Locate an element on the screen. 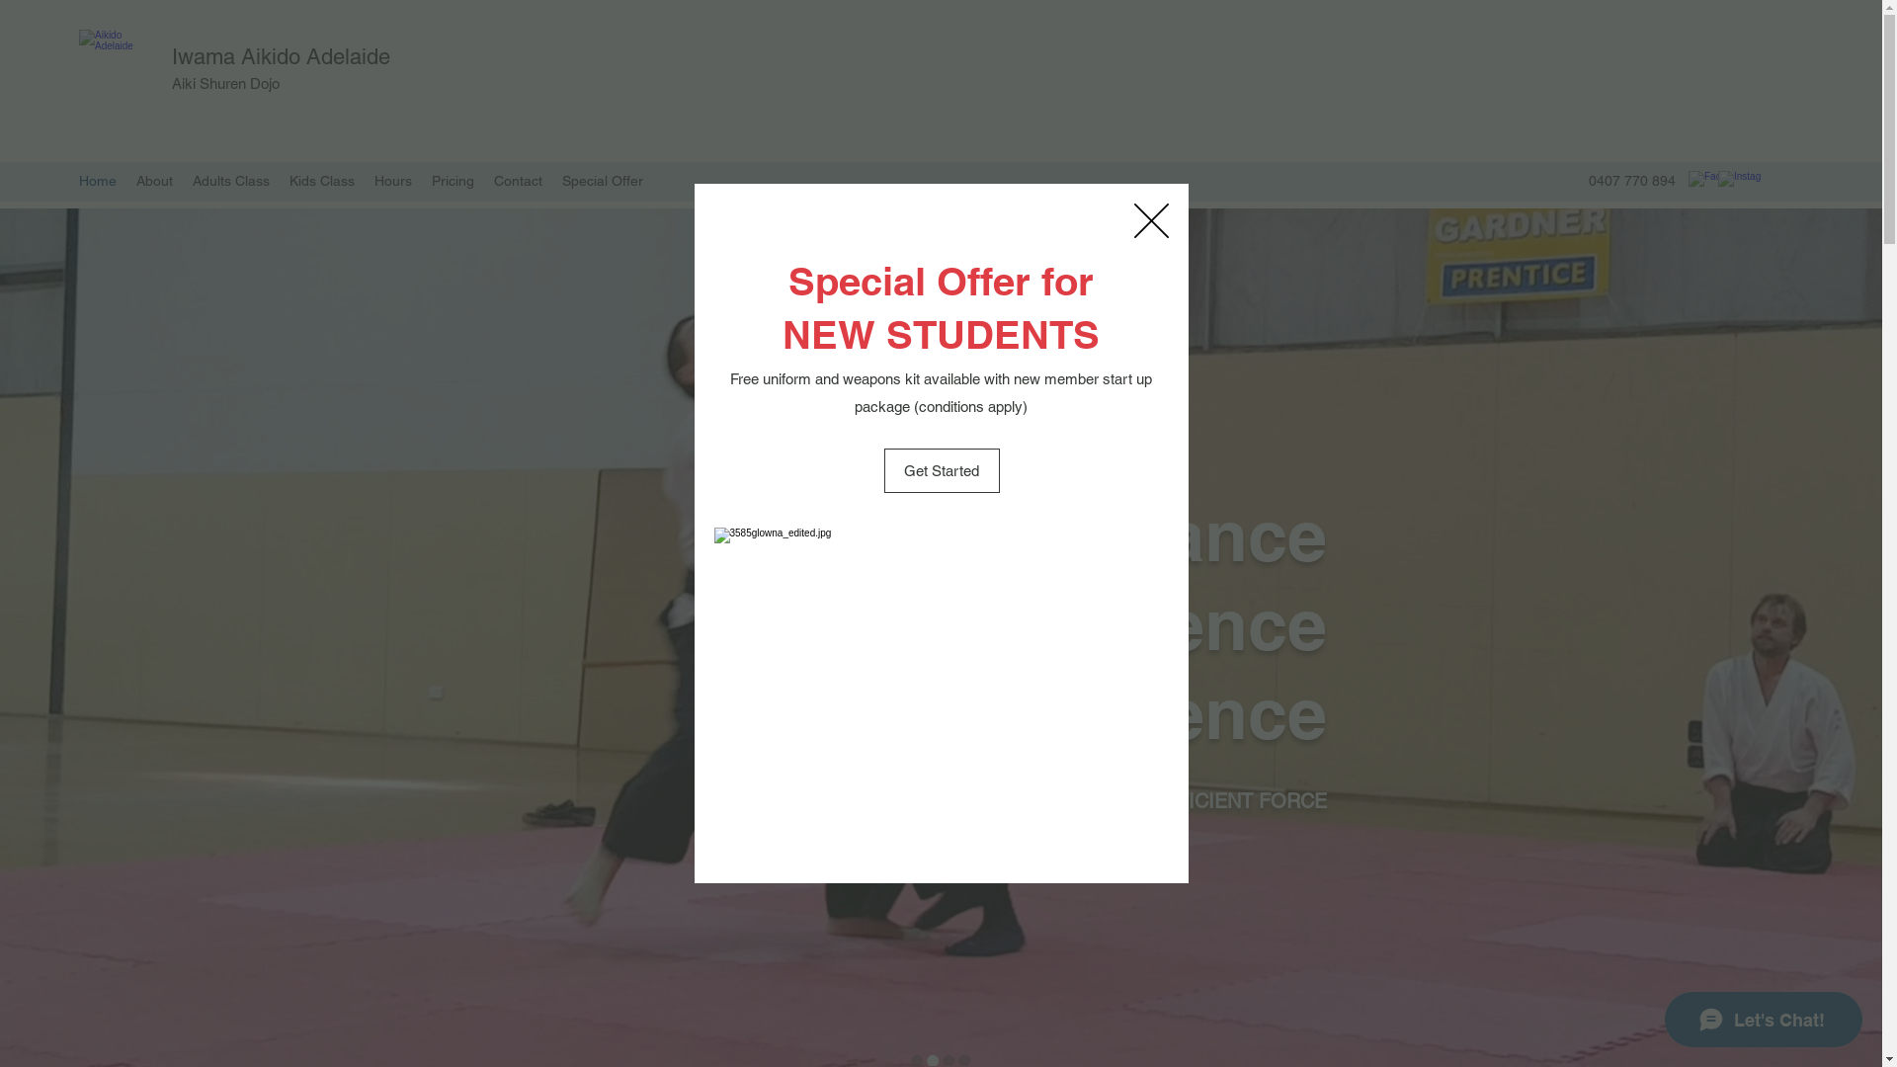  'Adults Class' is located at coordinates (231, 180).